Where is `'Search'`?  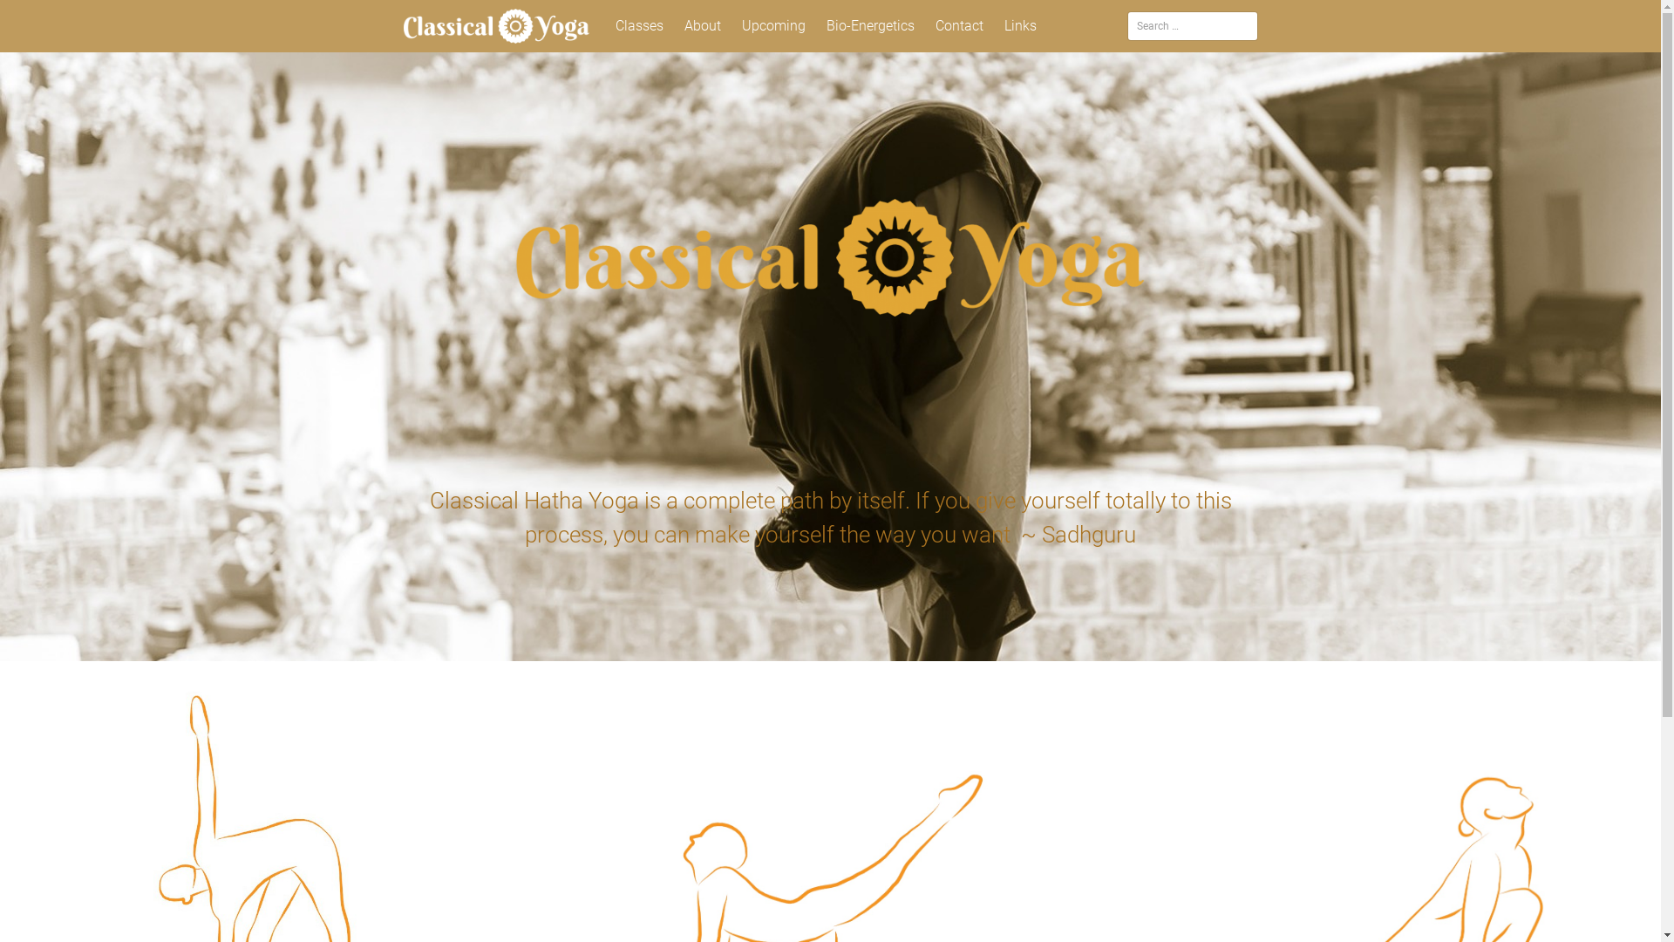 'Search' is located at coordinates (41, 17).